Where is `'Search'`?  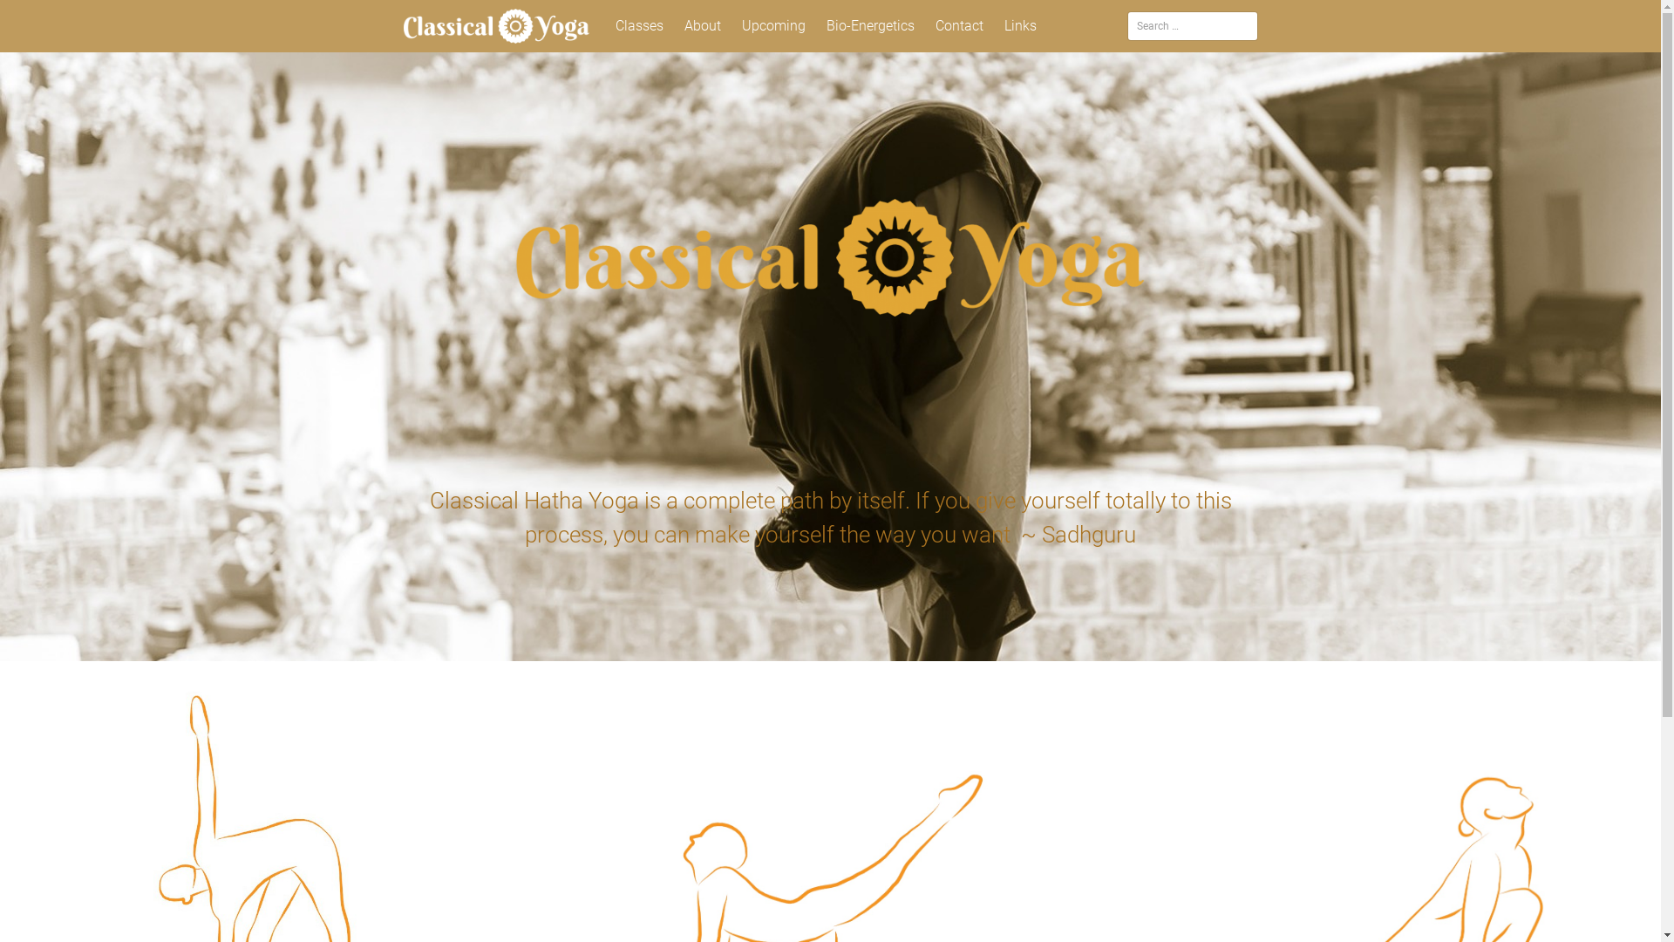 'Search' is located at coordinates (41, 17).